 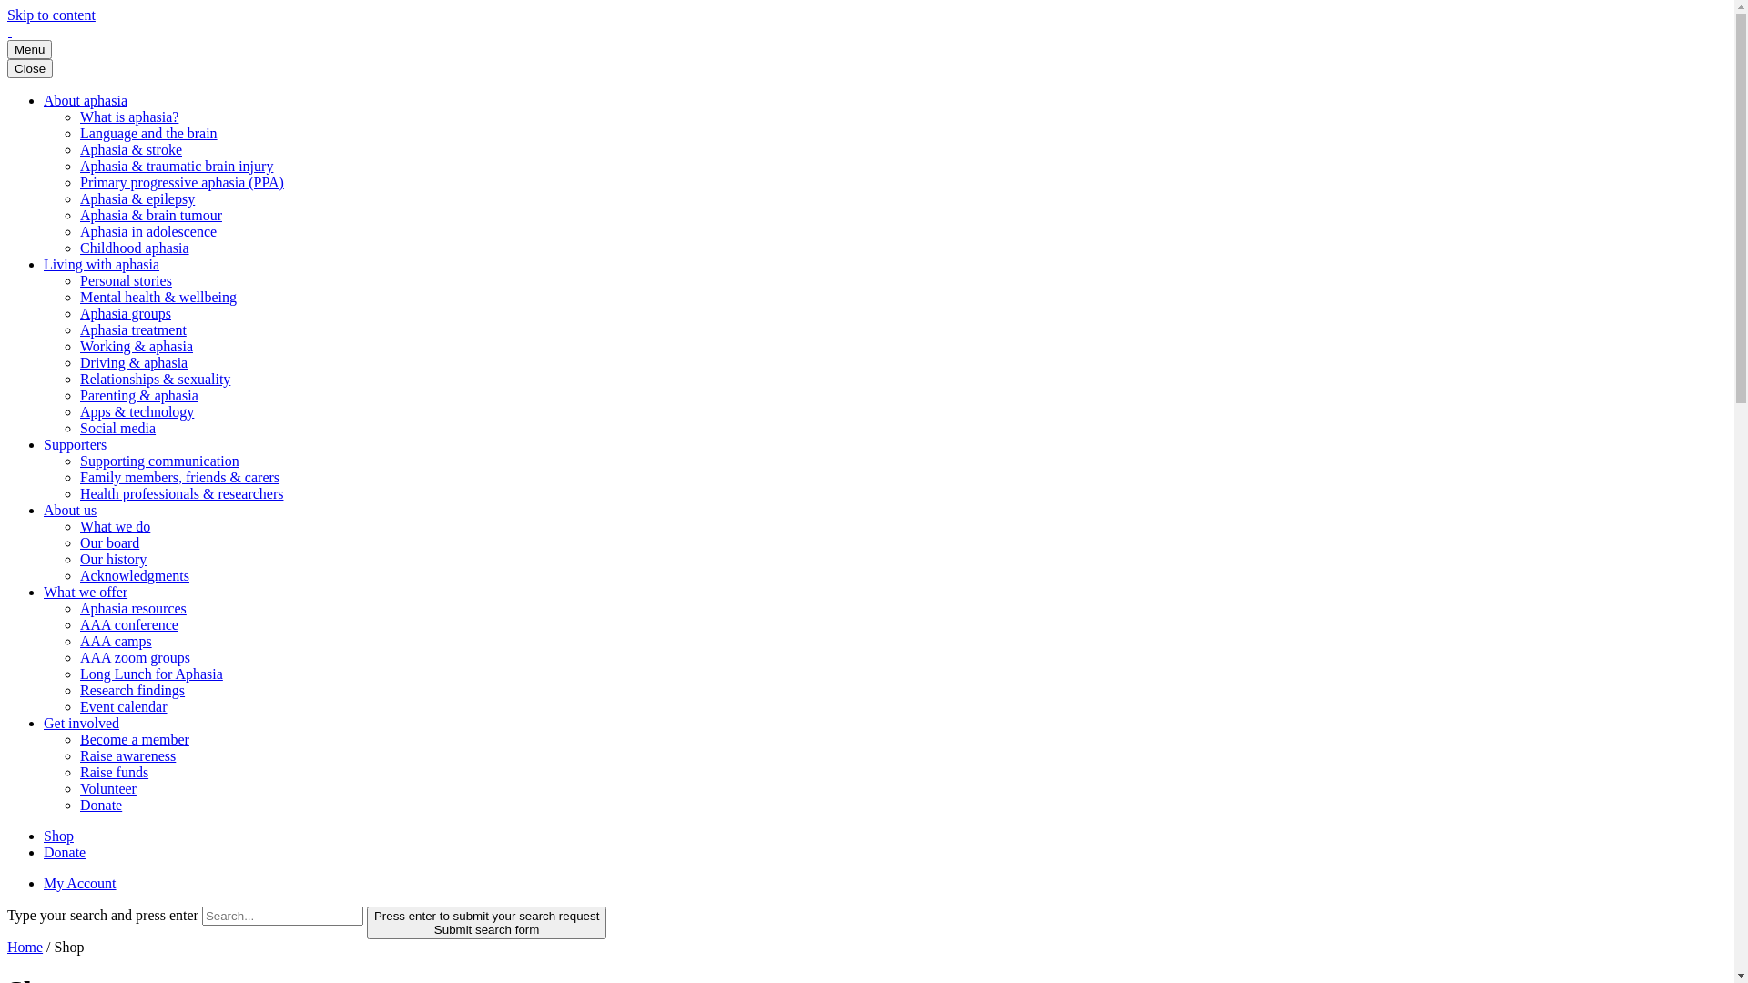 I want to click on 'Home', so click(x=25, y=946).